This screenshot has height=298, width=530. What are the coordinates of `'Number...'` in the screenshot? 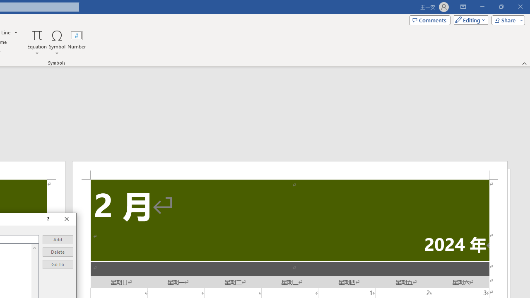 It's located at (77, 43).